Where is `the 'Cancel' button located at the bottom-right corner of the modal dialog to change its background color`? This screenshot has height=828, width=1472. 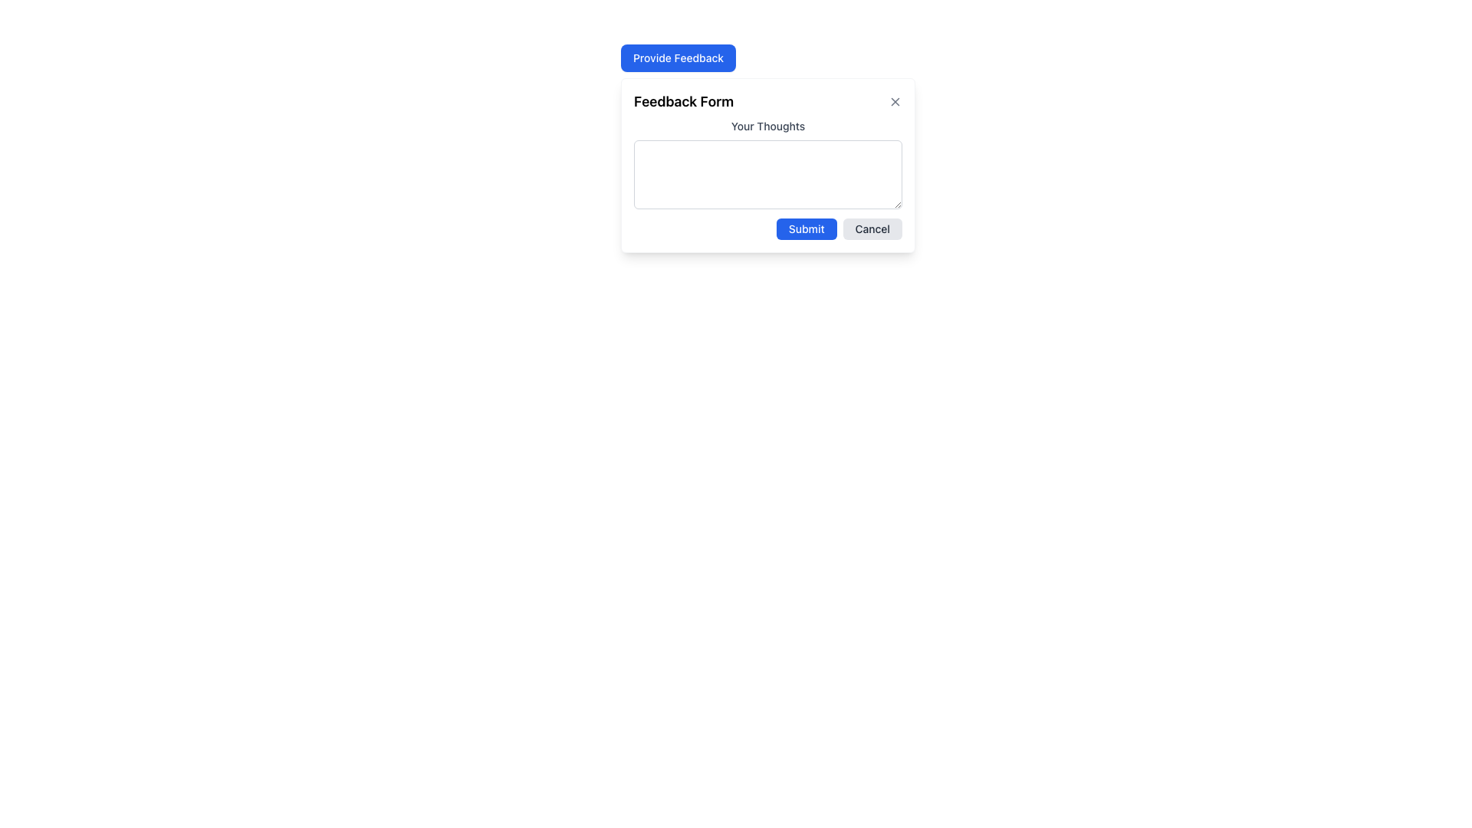
the 'Cancel' button located at the bottom-right corner of the modal dialog to change its background color is located at coordinates (872, 229).